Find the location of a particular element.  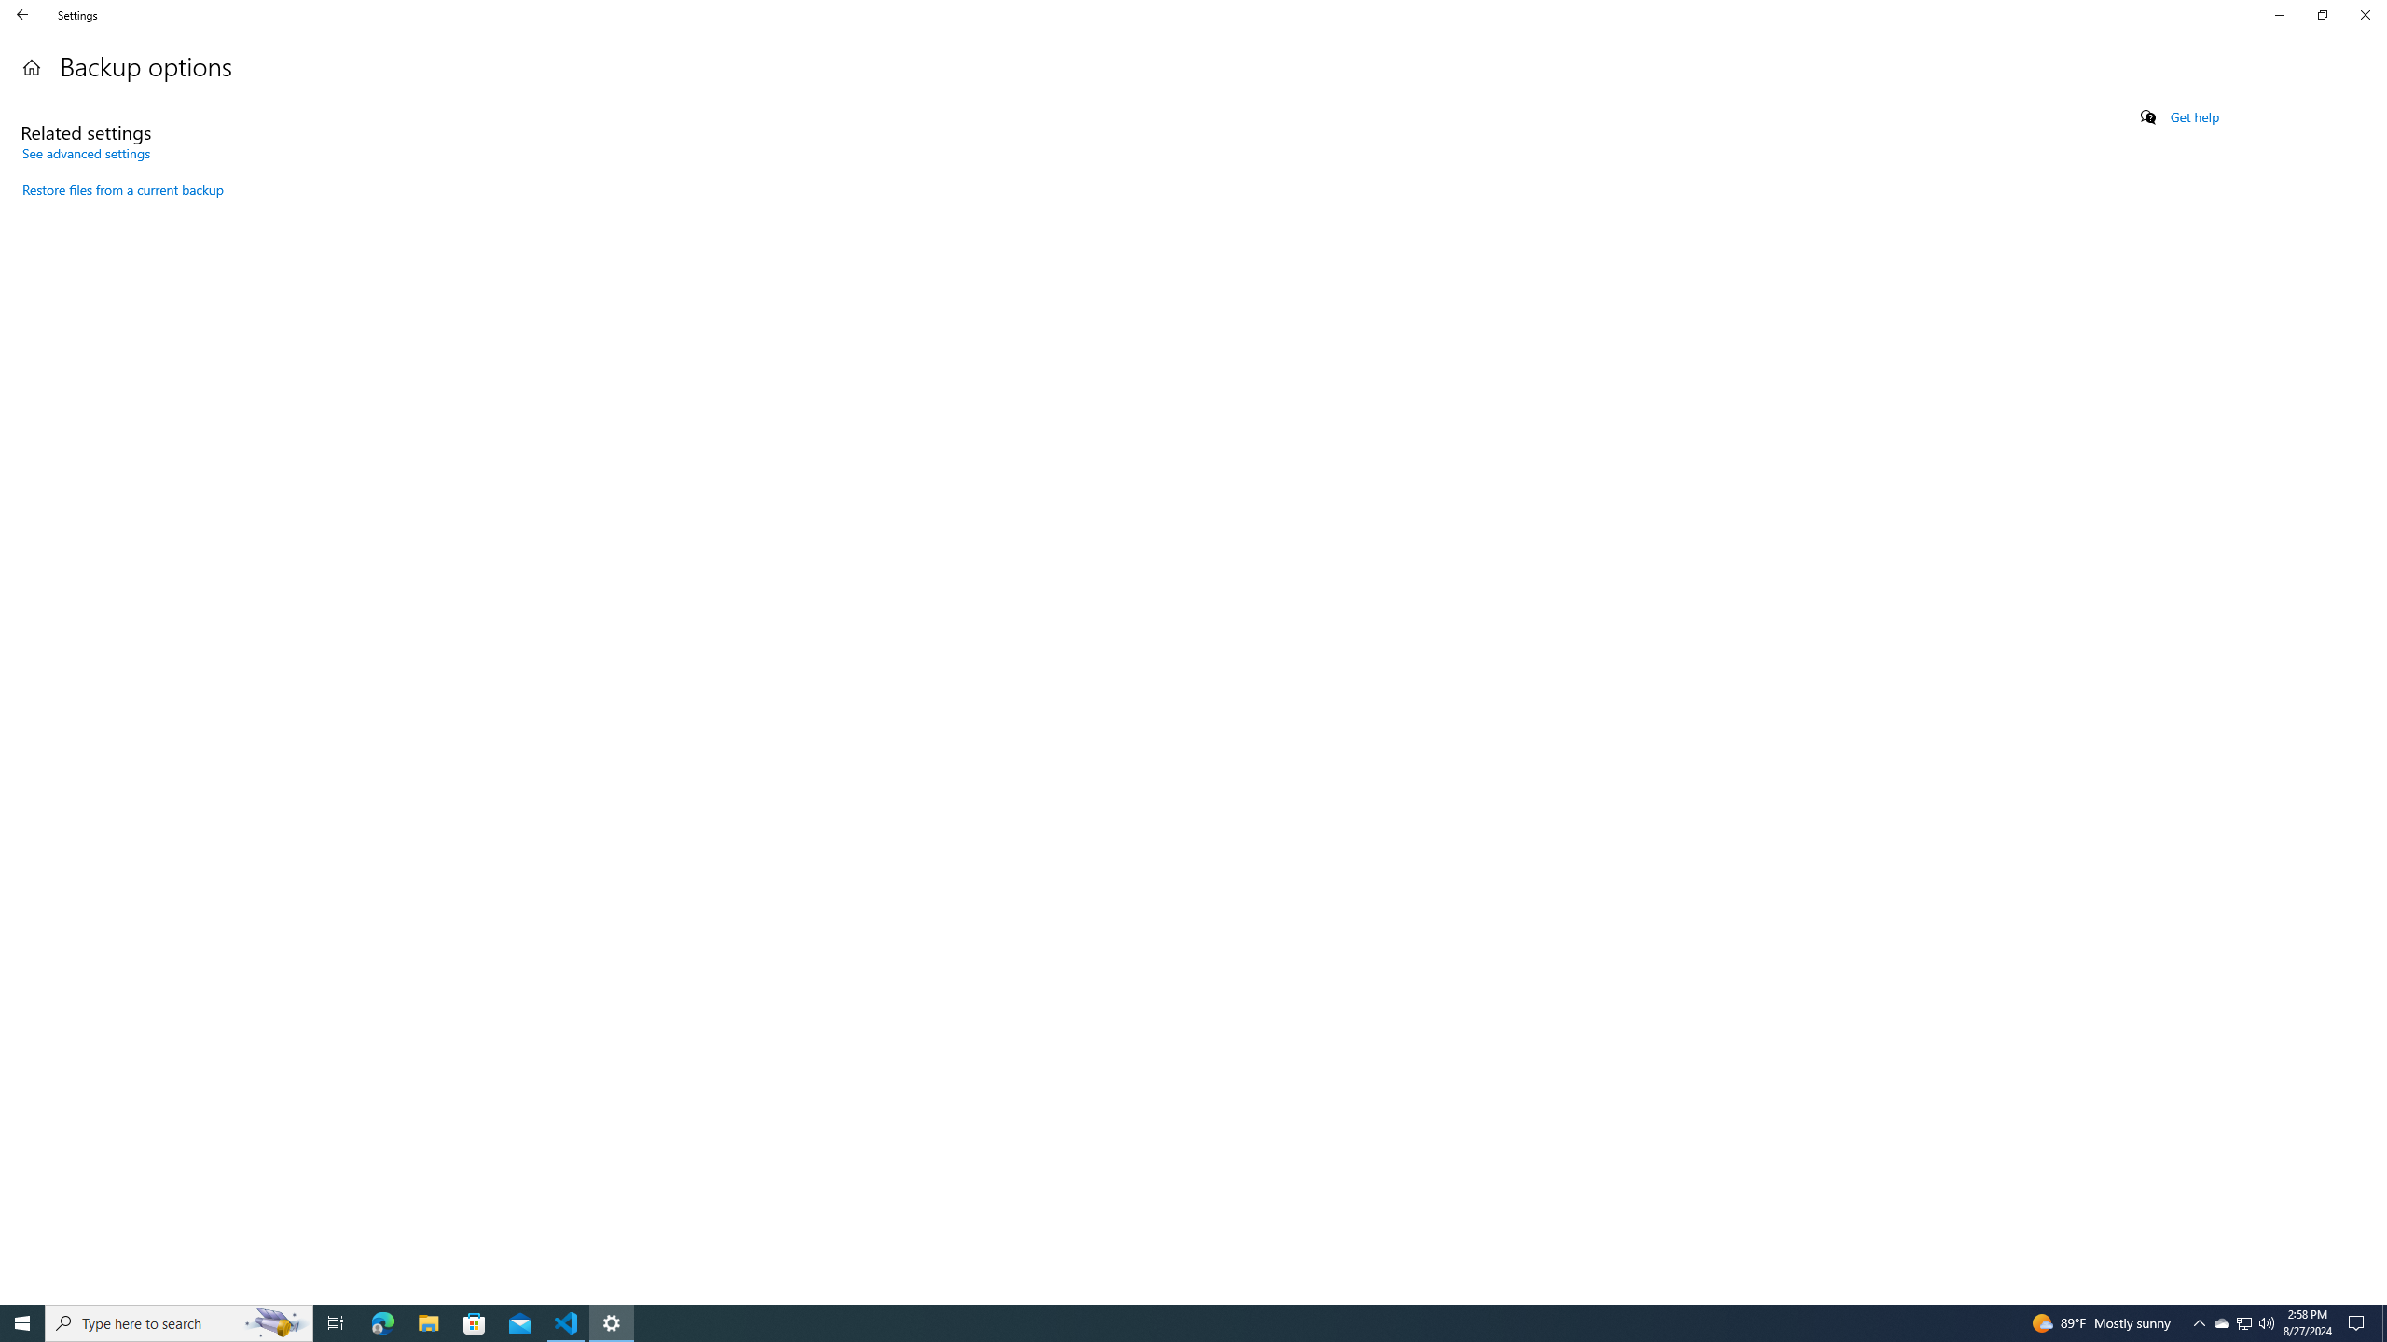

'Minimize Settings' is located at coordinates (2278, 14).